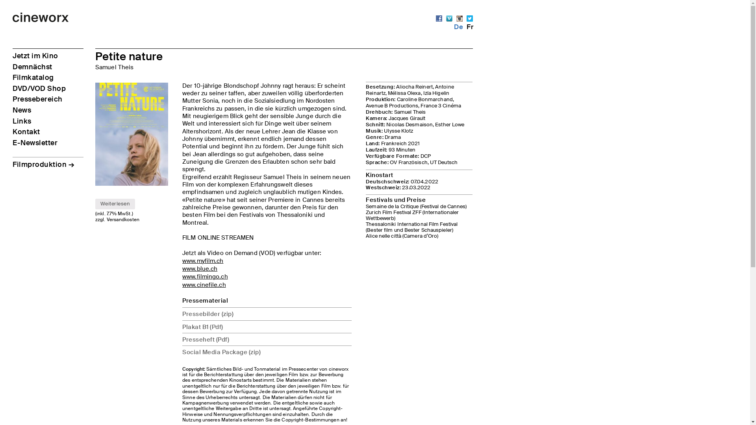 Image resolution: width=756 pixels, height=425 pixels. What do you see at coordinates (267, 351) in the screenshot?
I see `'Social Media Package (zip)'` at bounding box center [267, 351].